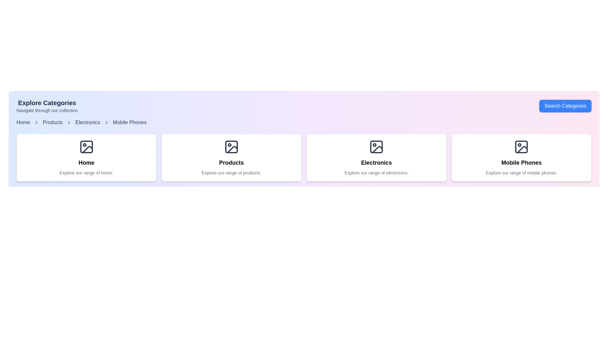 The height and width of the screenshot is (342, 609). Describe the element at coordinates (521, 147) in the screenshot. I see `the Decorative graphic element located at the bottom-right of the 'Mobile Phones' card, which is a small rectangle with rounded corners embedded within an icon representation` at that location.